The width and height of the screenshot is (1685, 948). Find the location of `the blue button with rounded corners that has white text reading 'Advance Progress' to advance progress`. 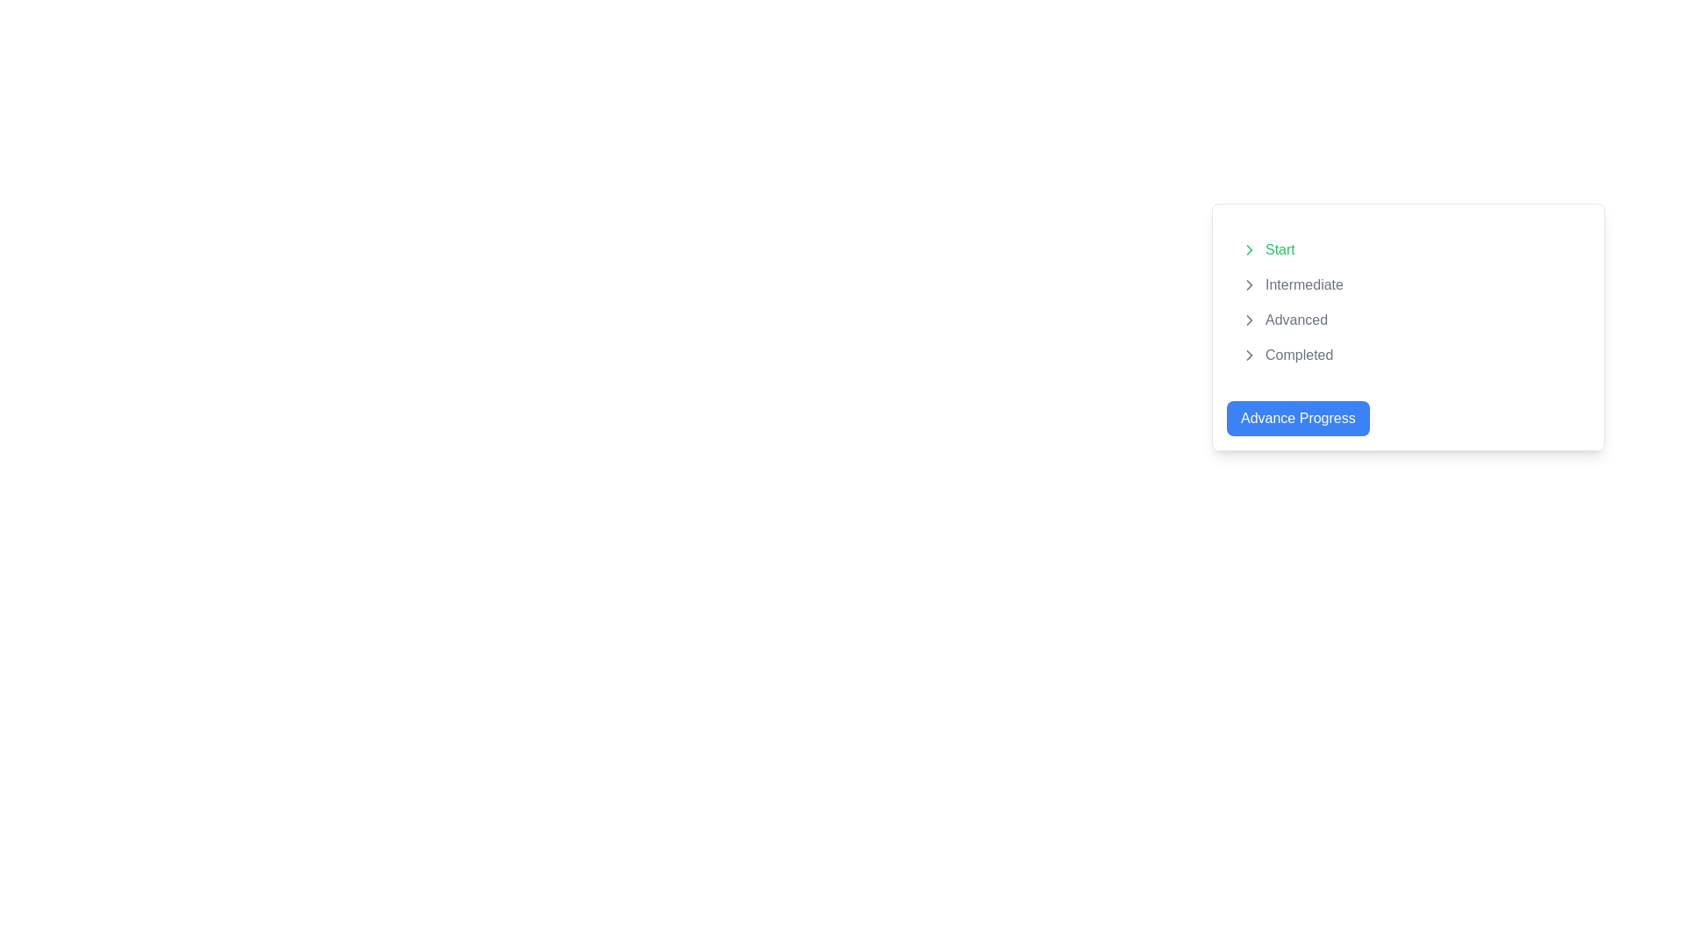

the blue button with rounded corners that has white text reading 'Advance Progress' to advance progress is located at coordinates (1298, 419).